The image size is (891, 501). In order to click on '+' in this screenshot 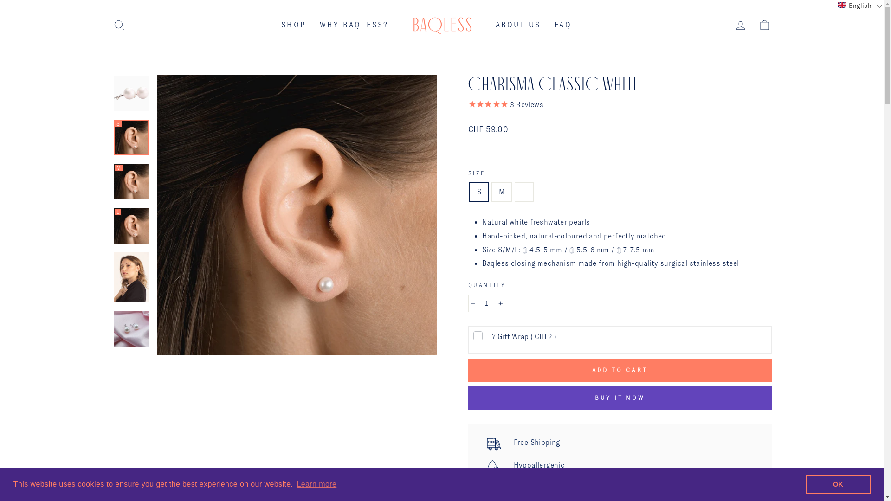, I will do `click(500, 303)`.